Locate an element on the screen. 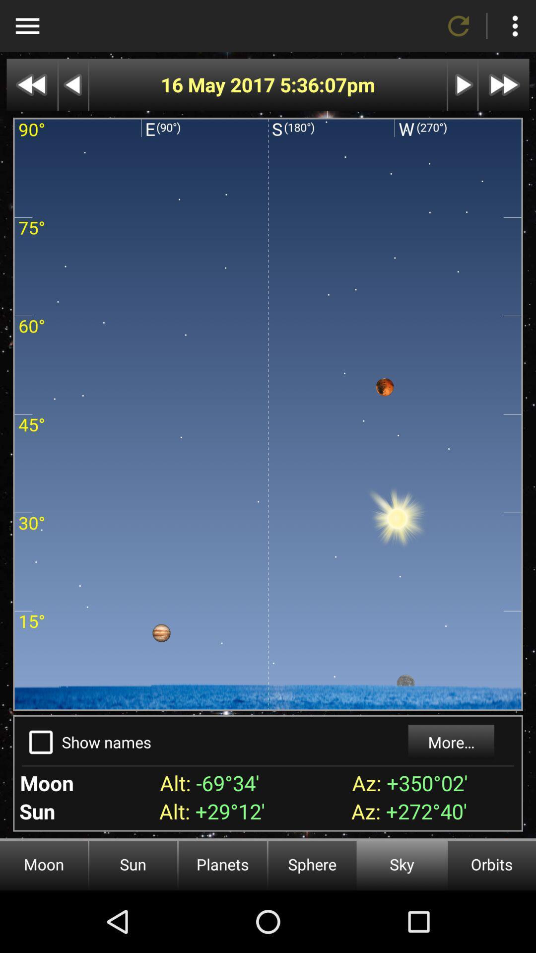 This screenshot has width=536, height=953. go back is located at coordinates (72, 85).